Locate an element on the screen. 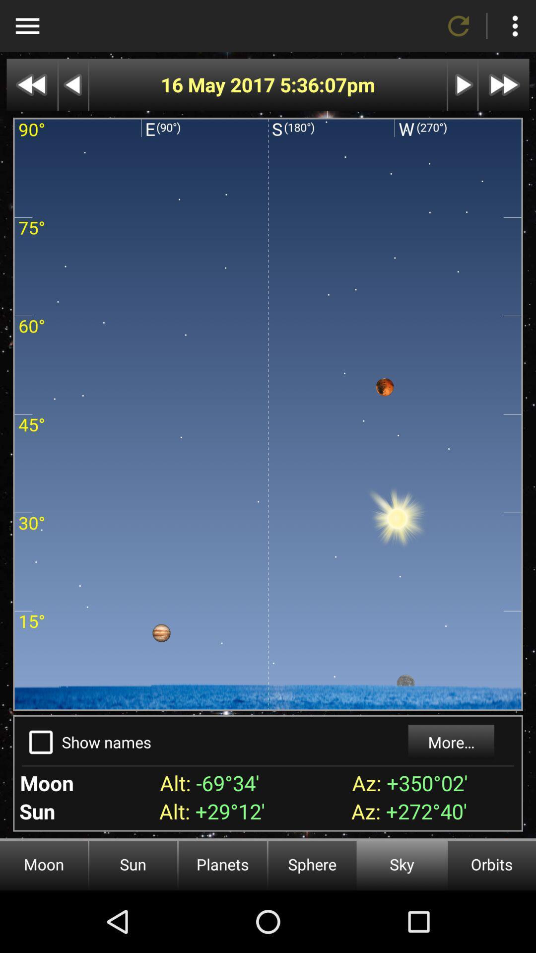 This screenshot has width=536, height=953. go back is located at coordinates (72, 85).